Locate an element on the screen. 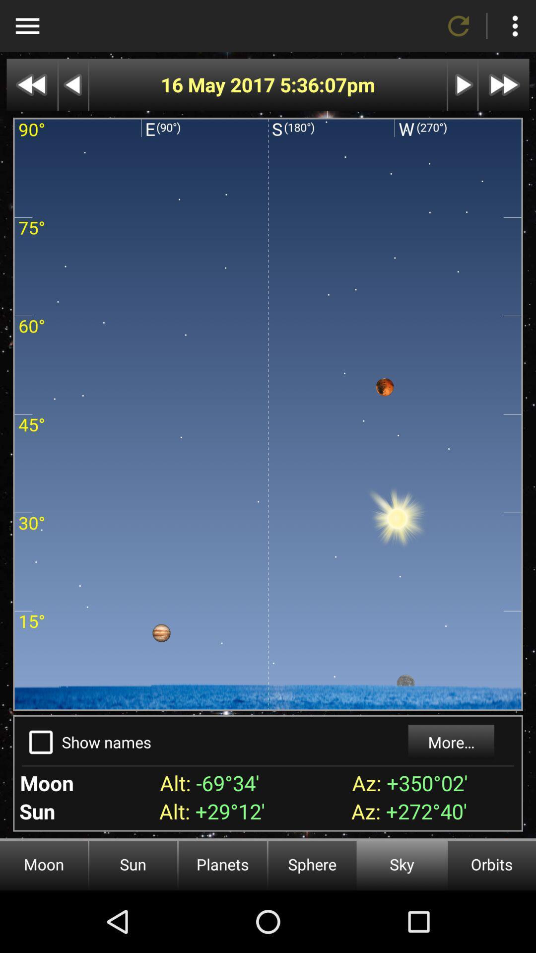 This screenshot has width=536, height=953. go back is located at coordinates (72, 85).